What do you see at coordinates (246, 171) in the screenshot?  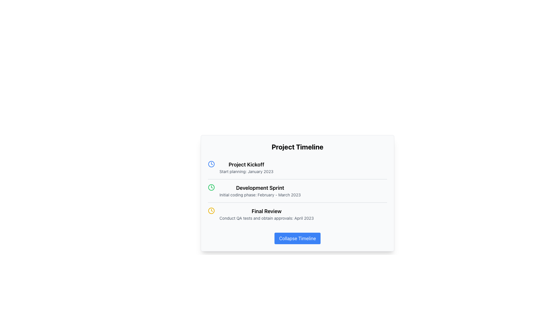 I see `text label that says 'Start planning: January 2023', which is styled with a smaller font size and gray color, located beneath the title 'Project Kickoff'` at bounding box center [246, 171].